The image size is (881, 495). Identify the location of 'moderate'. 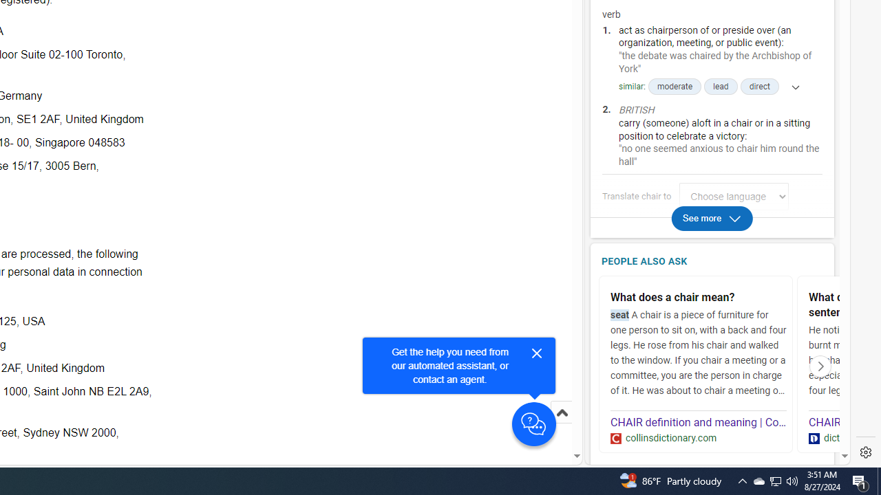
(675, 87).